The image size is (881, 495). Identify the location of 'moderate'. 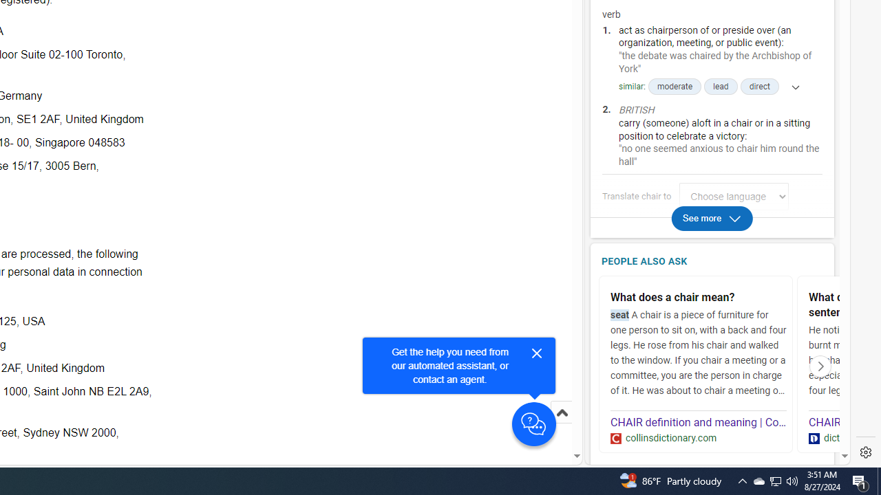
(675, 87).